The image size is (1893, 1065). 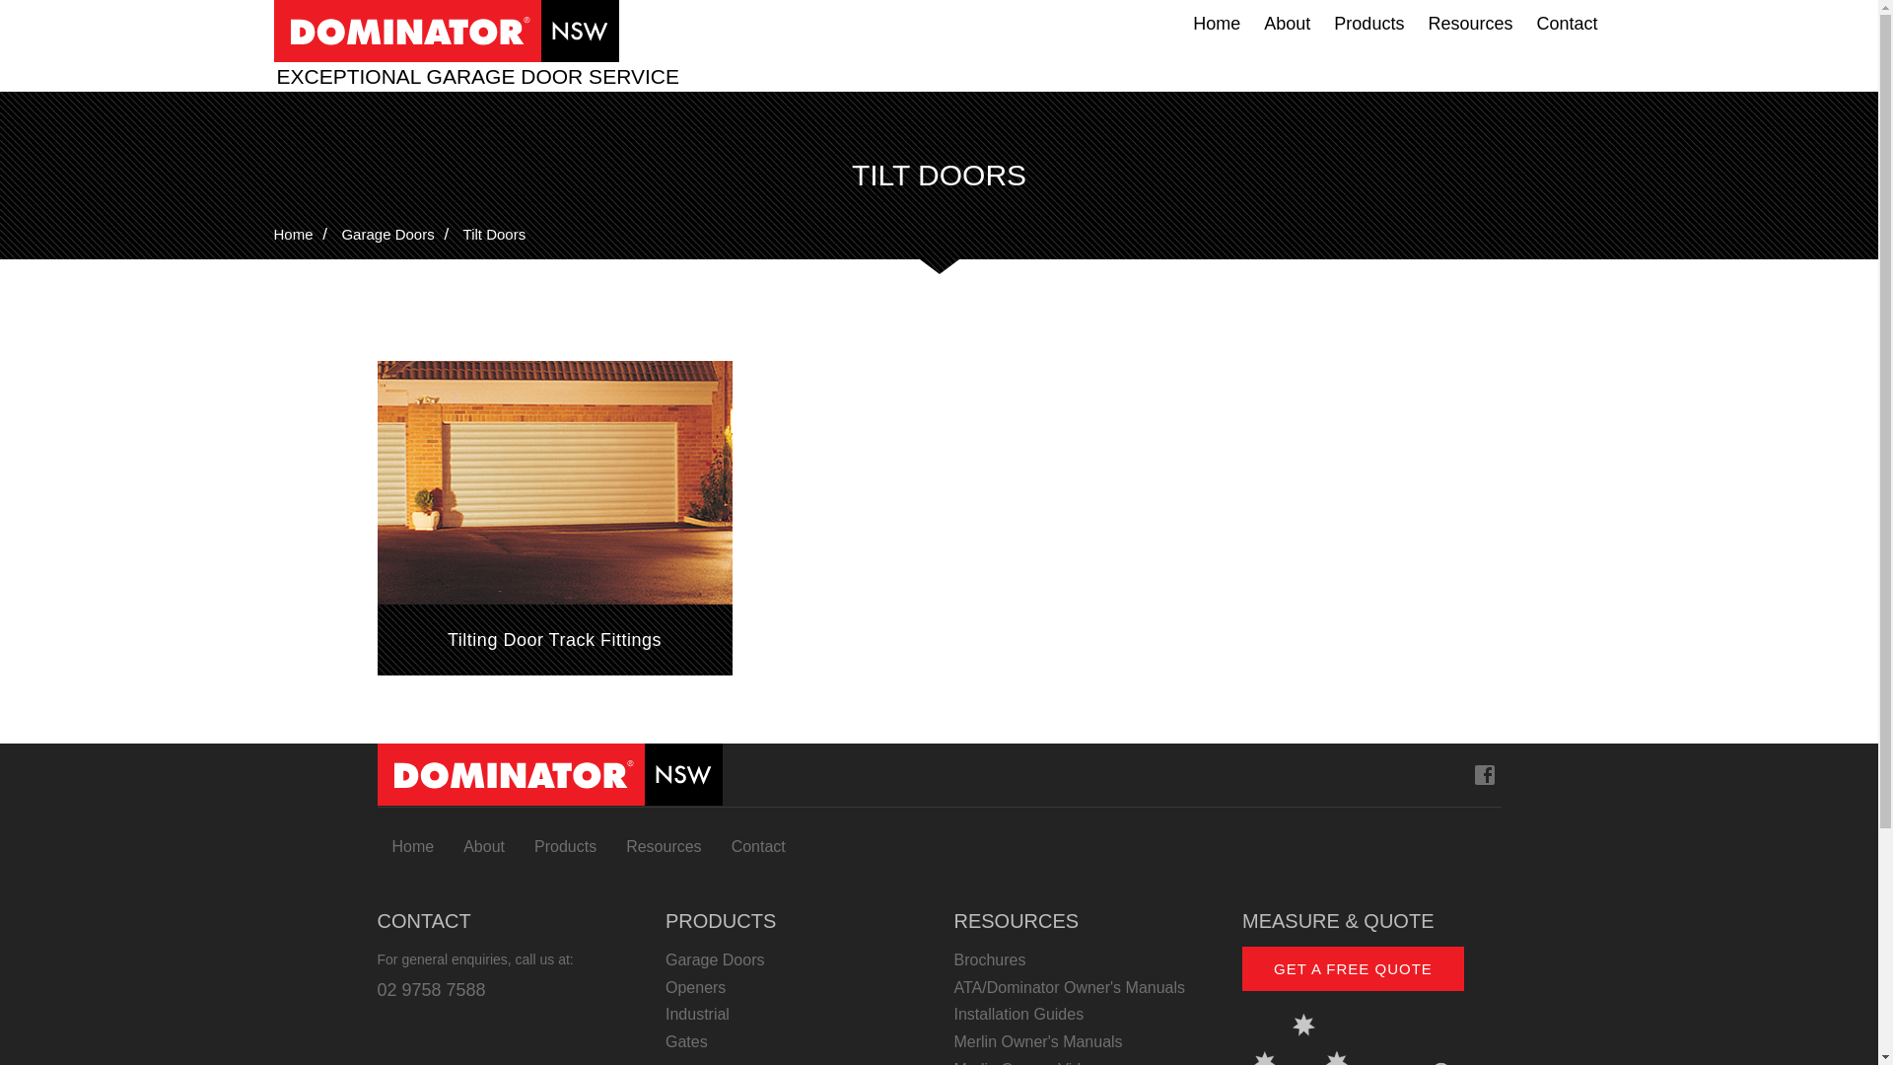 What do you see at coordinates (795, 1040) in the screenshot?
I see `'Gates'` at bounding box center [795, 1040].